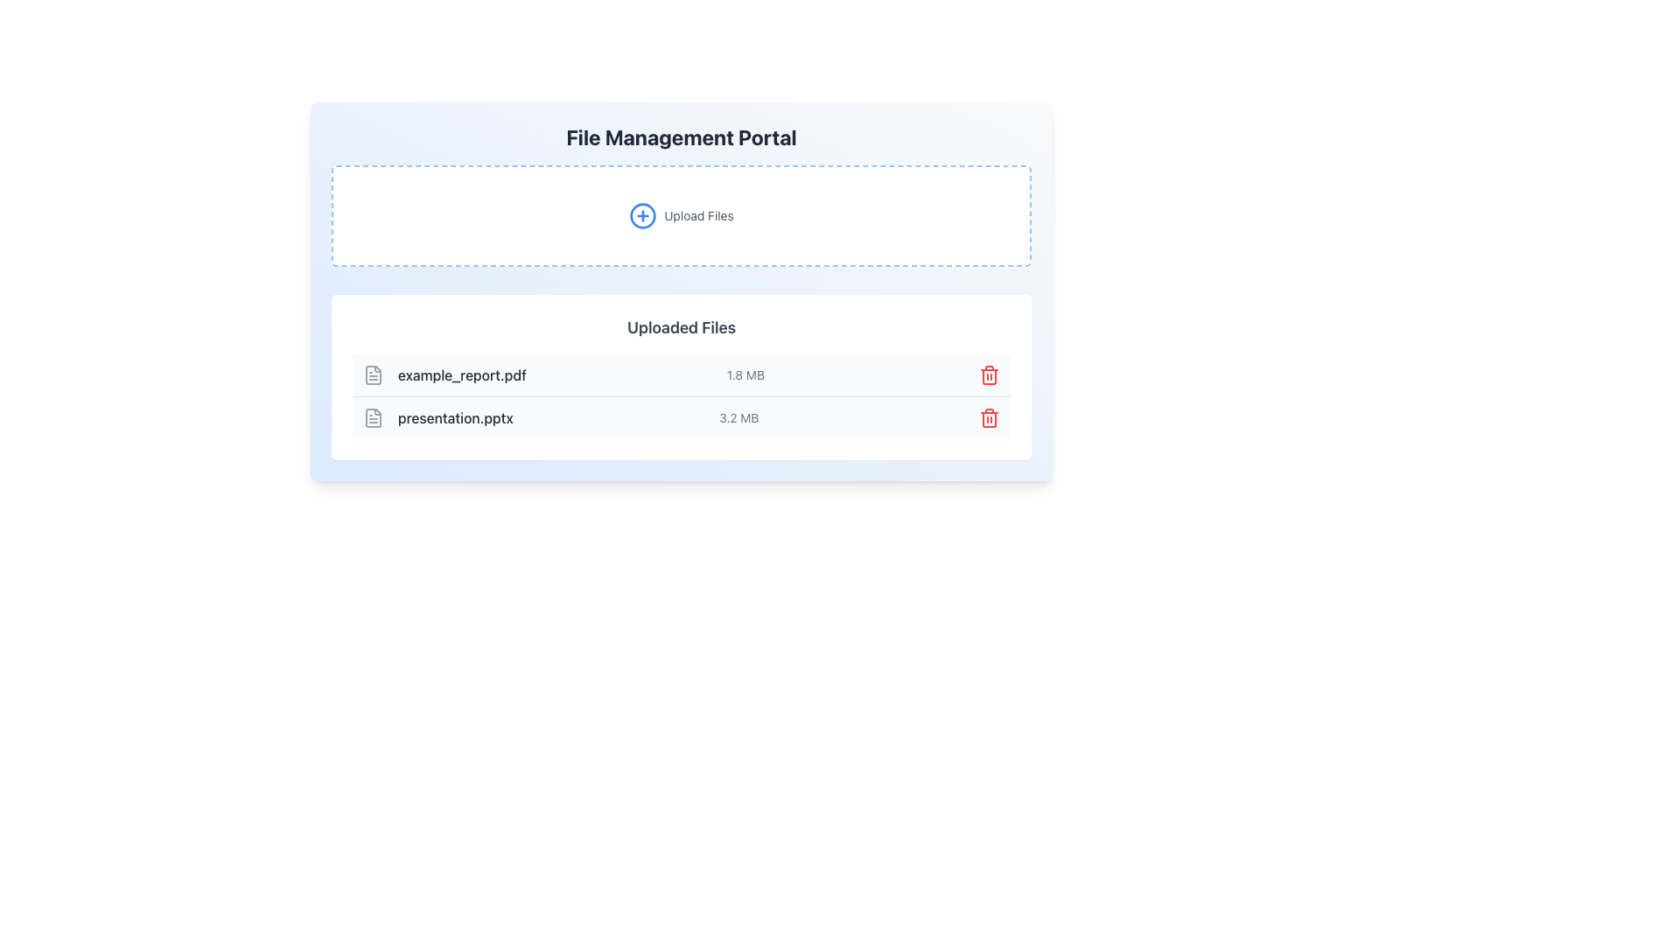 The image size is (1680, 945). I want to click on the Text Label that displays the name of the uploaded file in the second row of the uploaded files table, positioned between the file icon and the delete action icon, so click(455, 418).